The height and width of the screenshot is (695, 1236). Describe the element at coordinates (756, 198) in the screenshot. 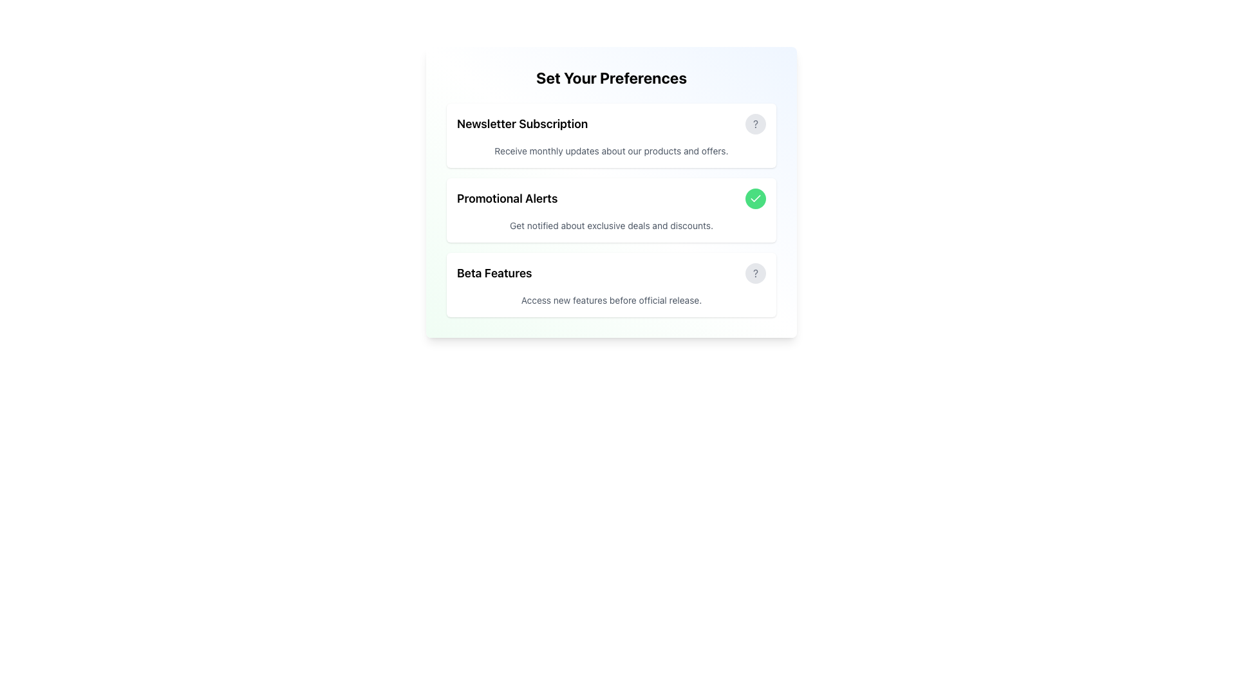

I see `the toggle button for 'Promotional Alerts' to change its state` at that location.